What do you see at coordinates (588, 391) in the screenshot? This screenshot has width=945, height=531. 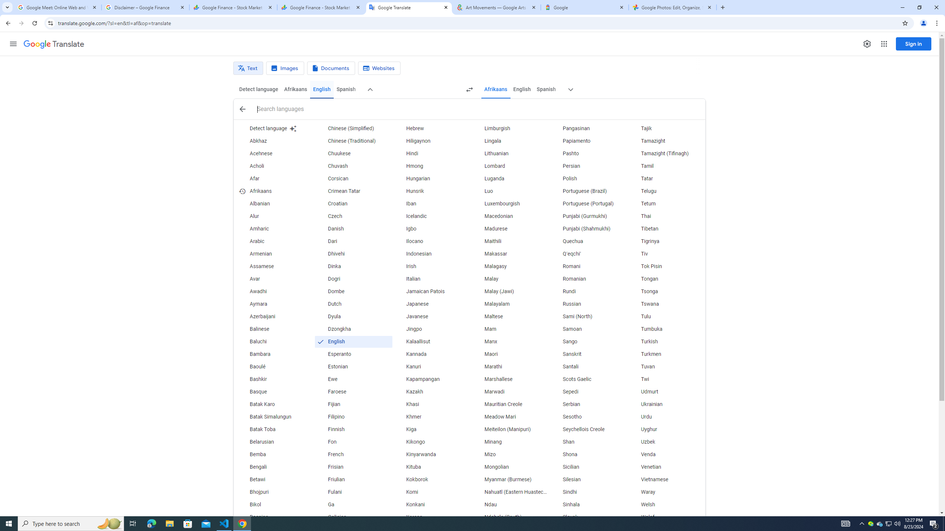 I see `'Sepedi'` at bounding box center [588, 391].